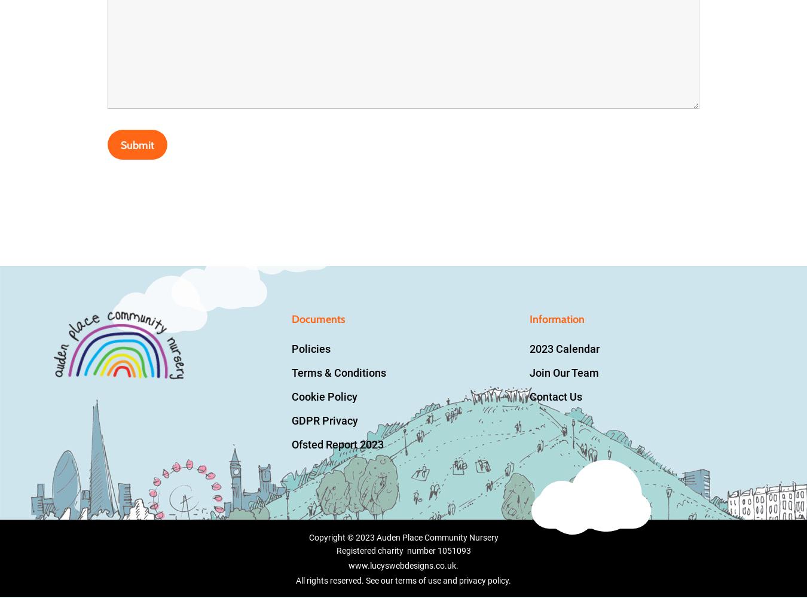 The height and width of the screenshot is (598, 807). Describe the element at coordinates (337, 444) in the screenshot. I see `'Ofsted Report 2023'` at that location.